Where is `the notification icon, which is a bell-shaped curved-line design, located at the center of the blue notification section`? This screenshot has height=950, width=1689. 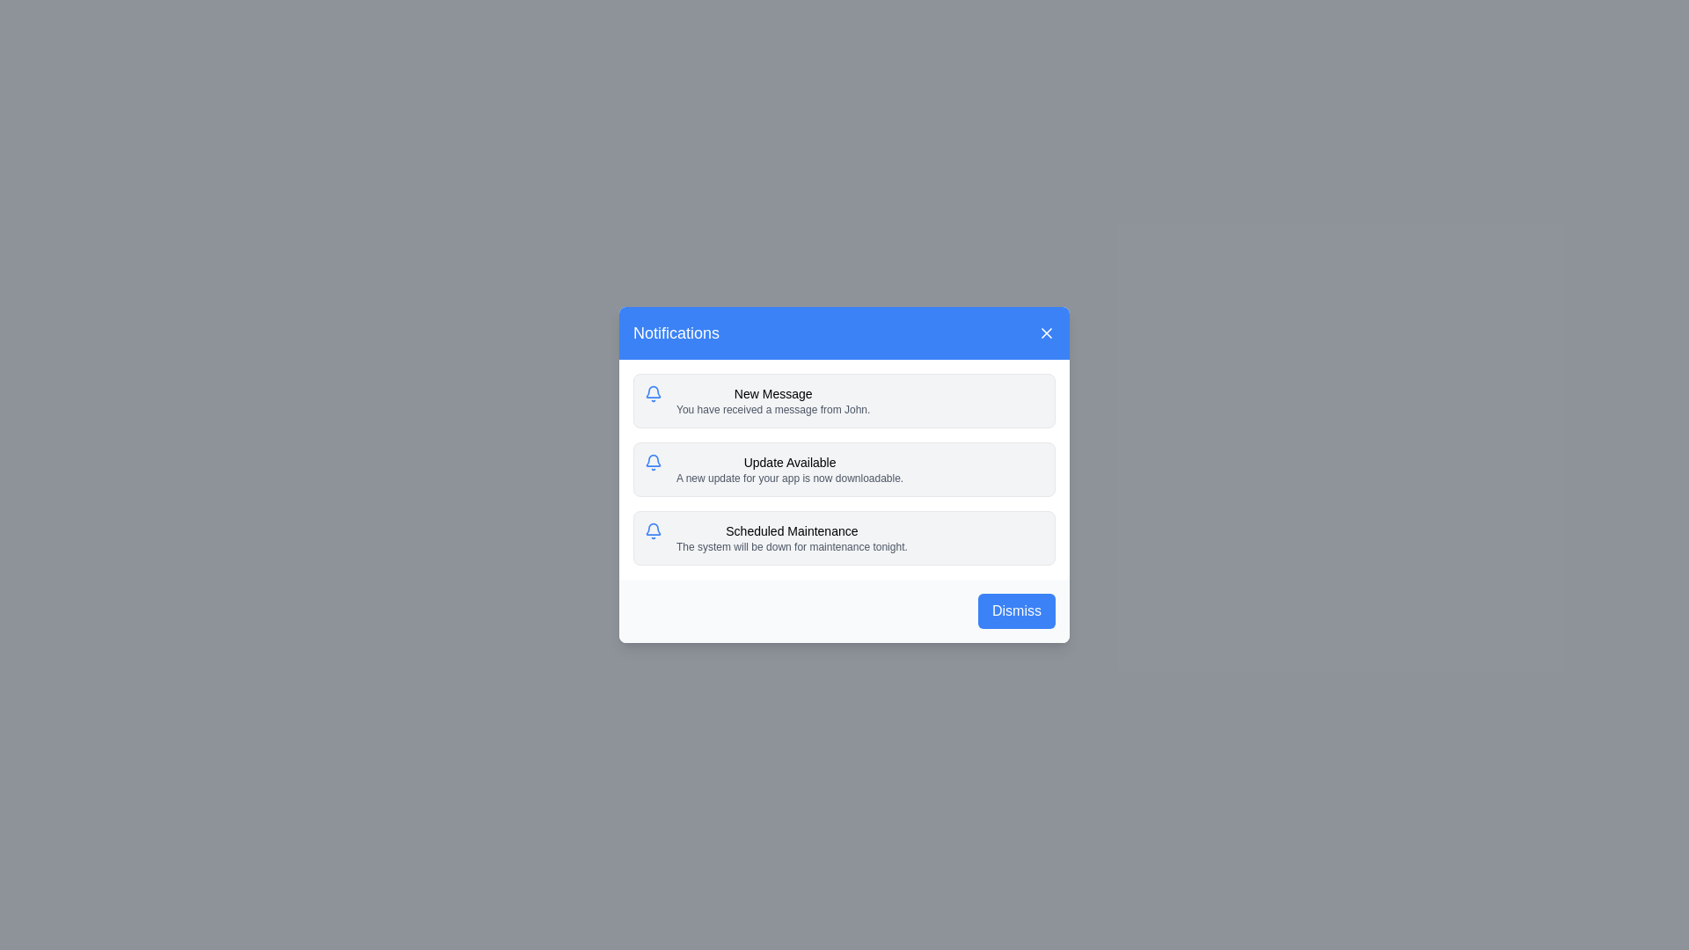
the notification icon, which is a bell-shaped curved-line design, located at the center of the blue notification section is located at coordinates (653, 528).